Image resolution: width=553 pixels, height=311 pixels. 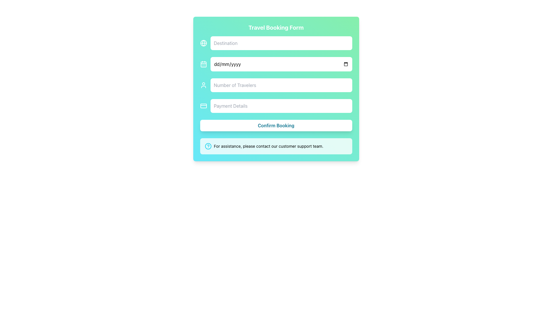 What do you see at coordinates (203, 85) in the screenshot?
I see `the user icon, which is a white outlined graphic consisting of a circular head and a rounded-rectangular body, positioned at the leftmost part of the row containing the 'Number of Travelers' input field in the 'Travel Booking Form'` at bounding box center [203, 85].